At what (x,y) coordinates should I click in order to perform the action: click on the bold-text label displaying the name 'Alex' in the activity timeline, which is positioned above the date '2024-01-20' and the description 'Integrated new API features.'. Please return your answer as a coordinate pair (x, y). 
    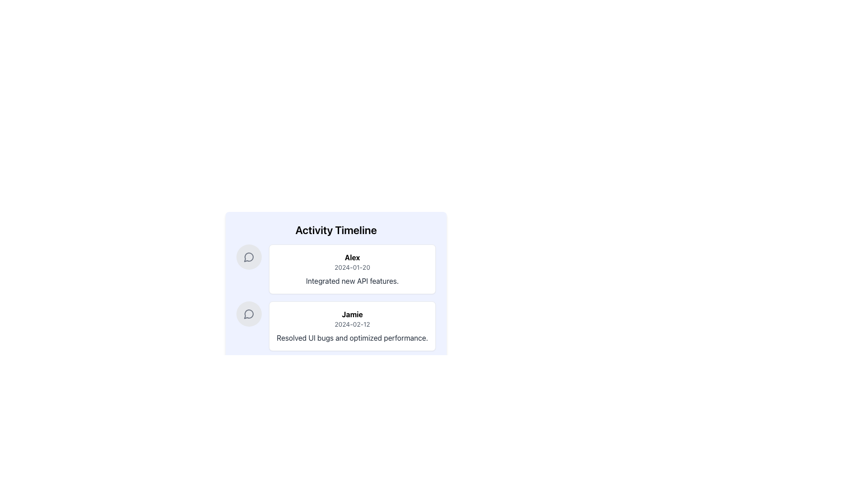
    Looking at the image, I should click on (352, 258).